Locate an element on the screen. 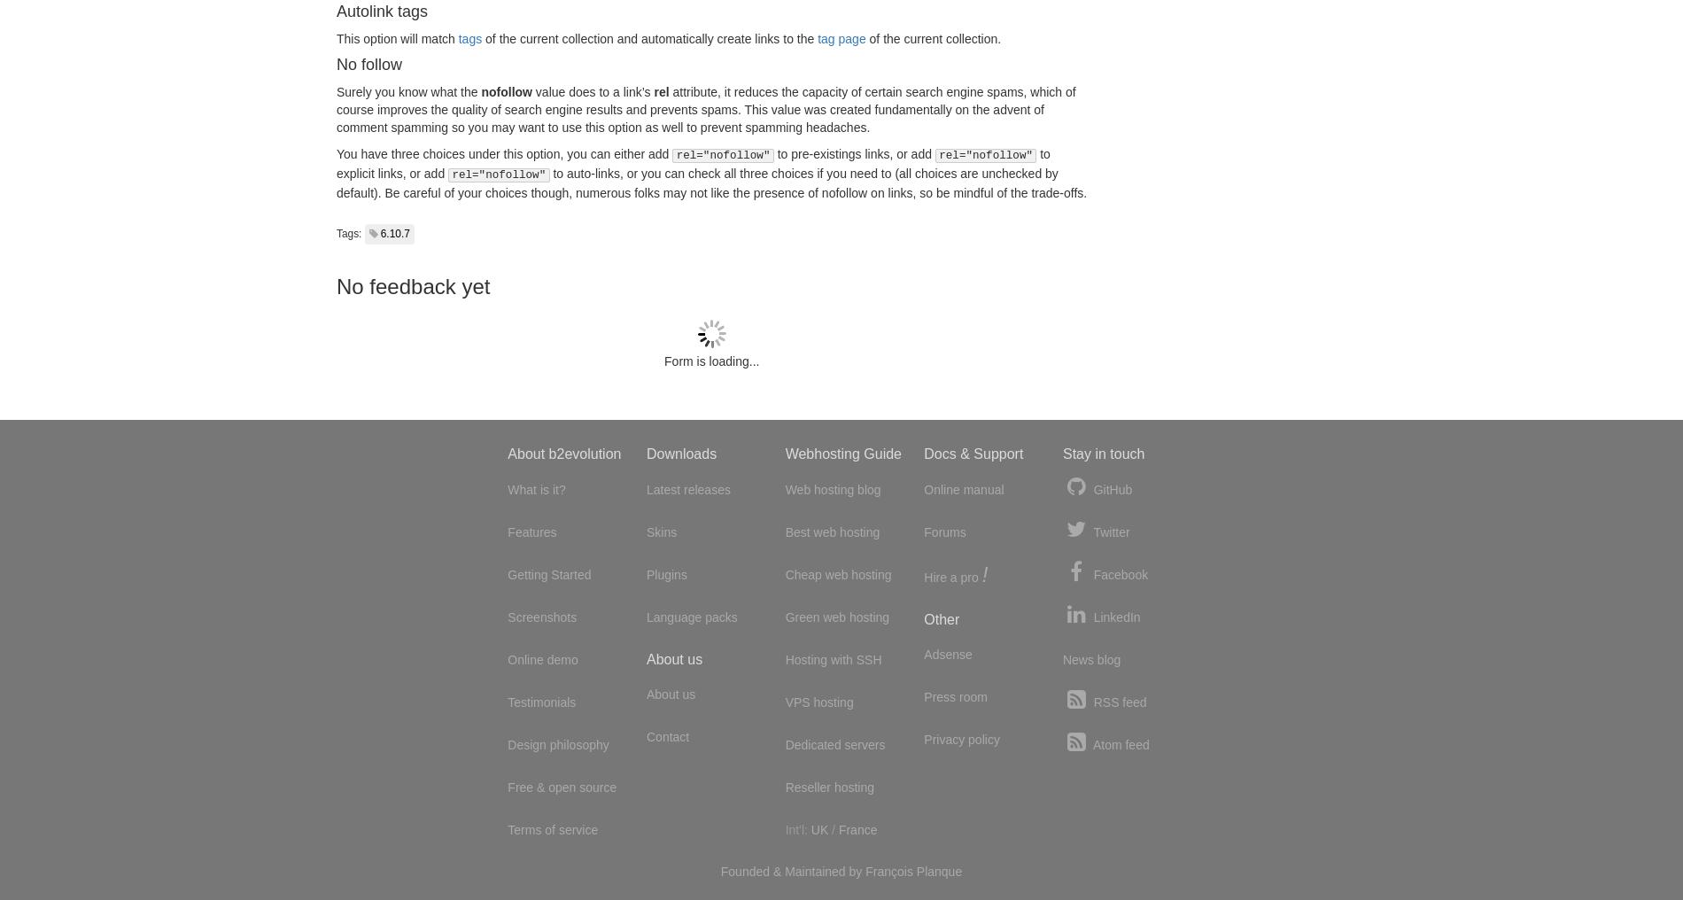 The height and width of the screenshot is (900, 1683). 'Best web hosting' is located at coordinates (783, 531).